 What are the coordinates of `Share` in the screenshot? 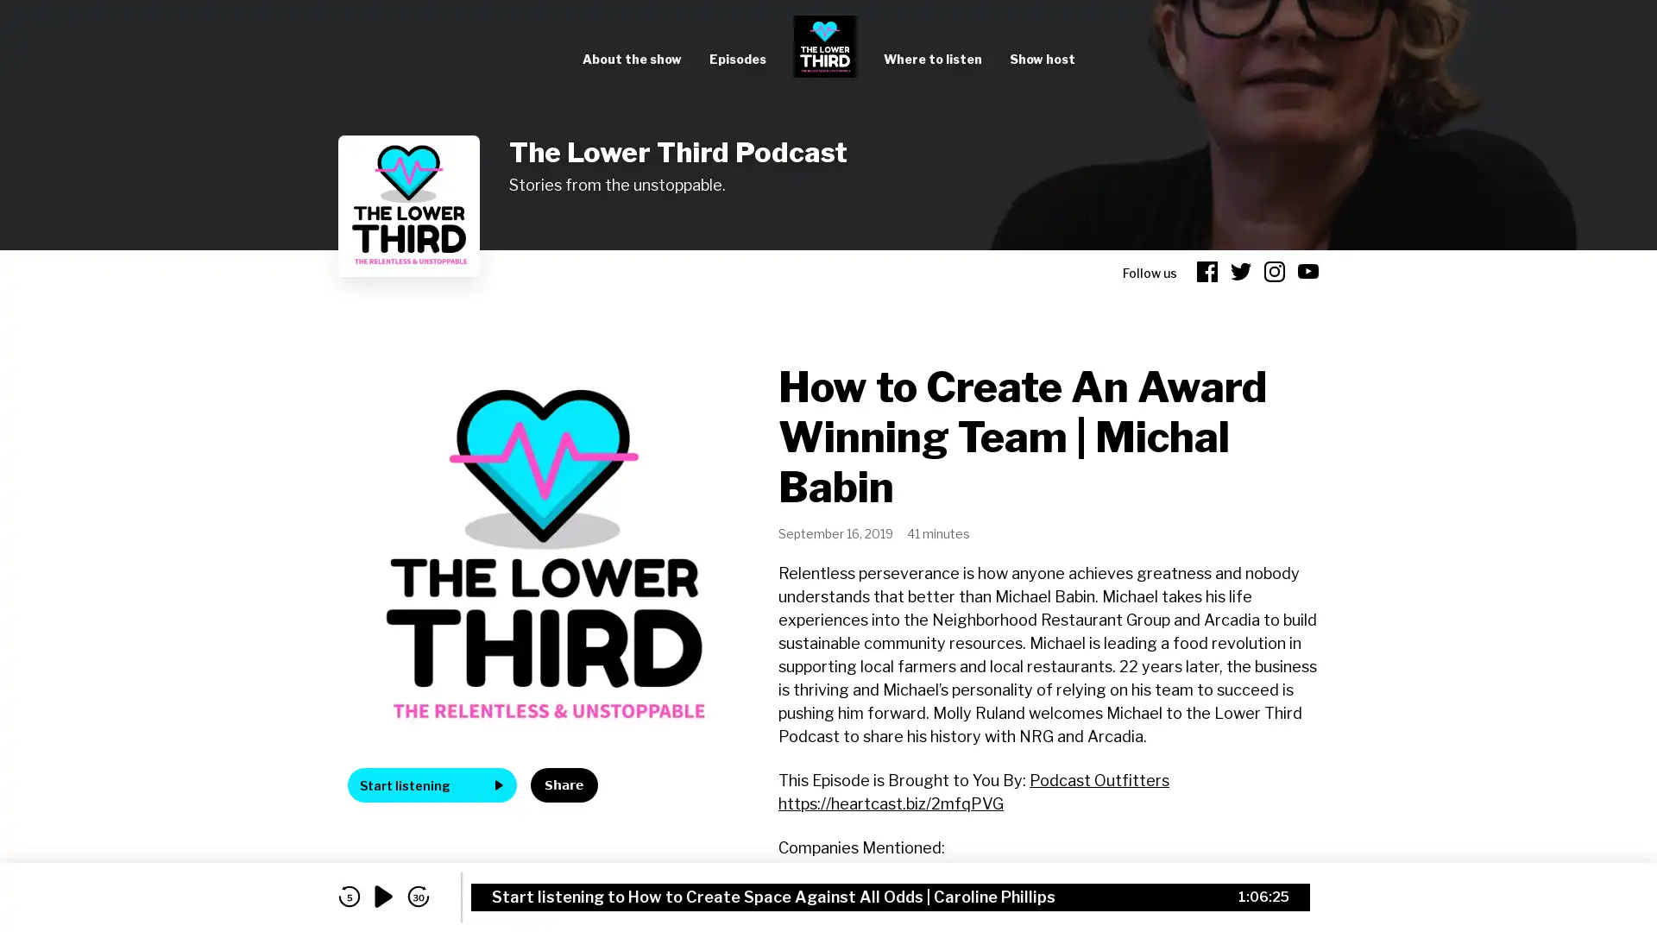 It's located at (564, 785).